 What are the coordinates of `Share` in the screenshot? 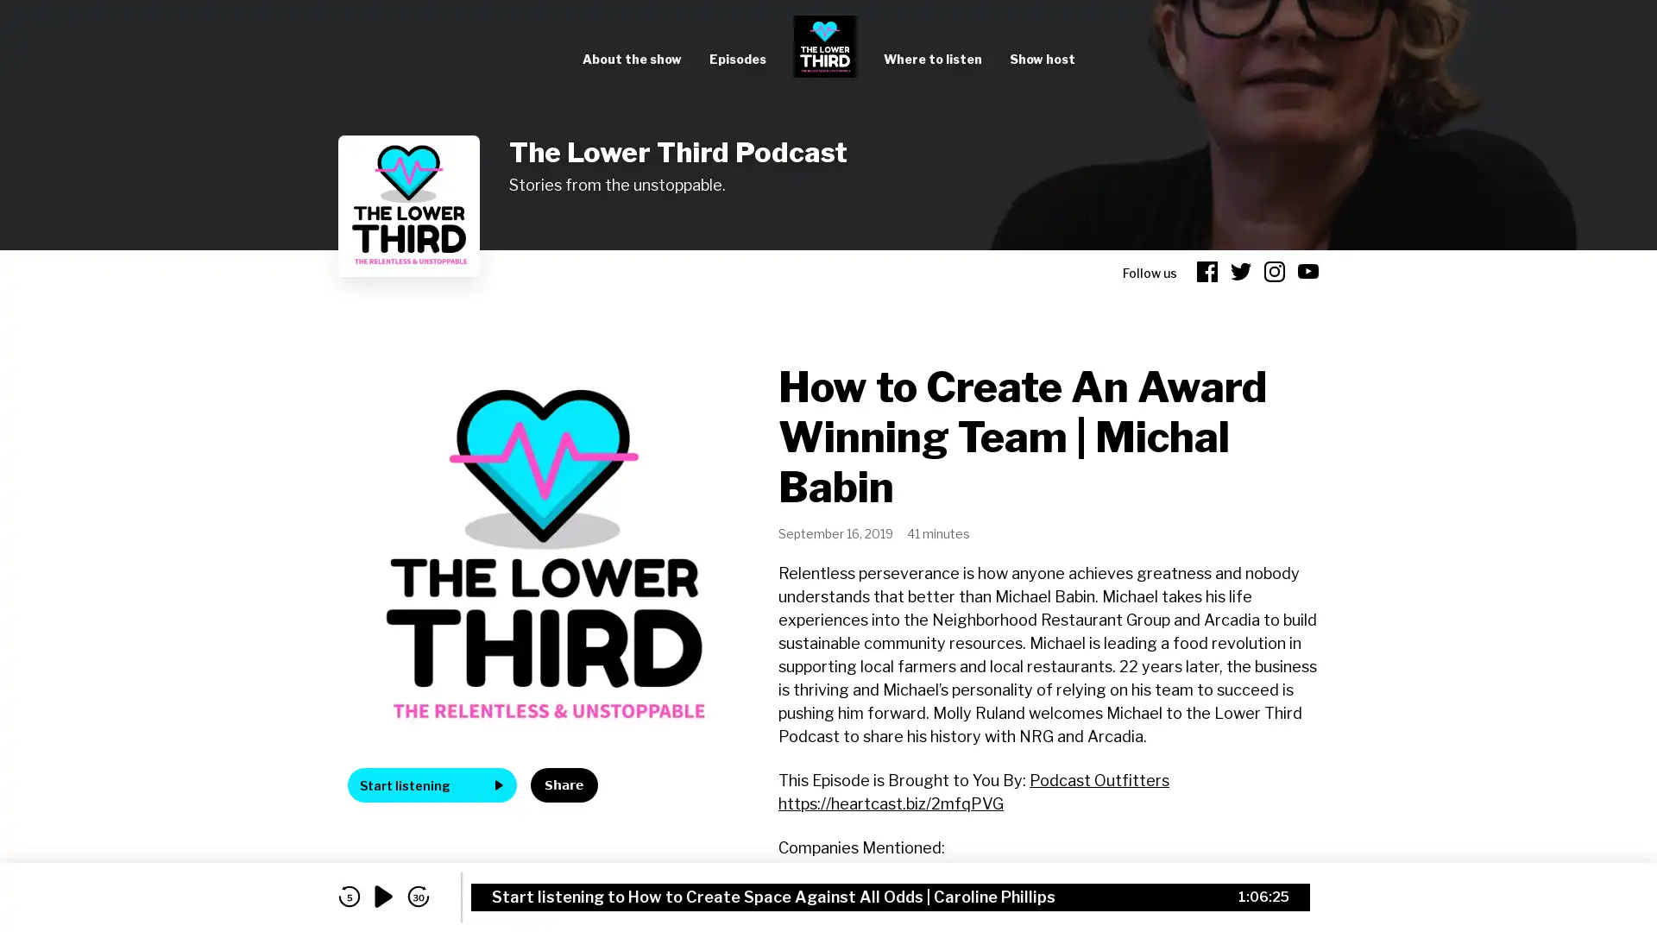 It's located at (564, 785).